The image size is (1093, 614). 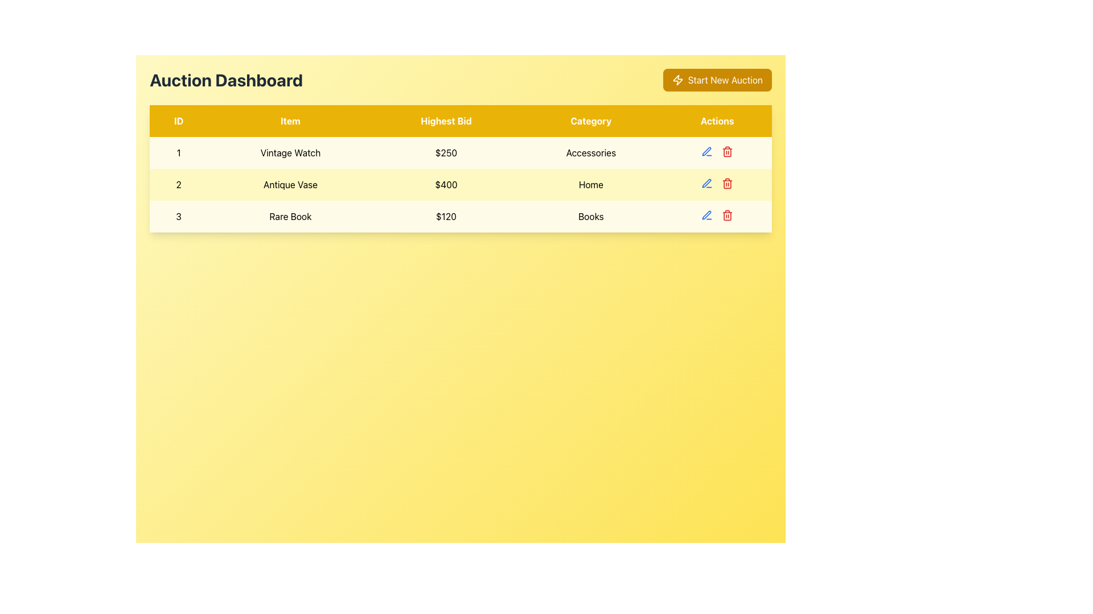 I want to click on the Text Label that serves as a column header for item names or descriptions, located in the second column of a five-column layout, between 'ID' and 'Highest Bid', so click(x=290, y=121).